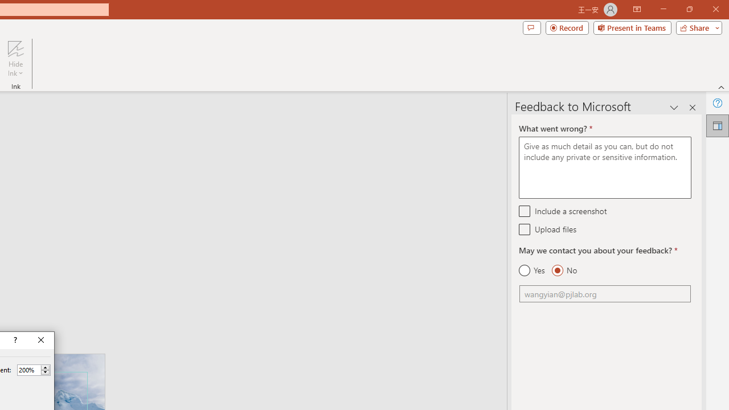 The width and height of the screenshot is (729, 410). Describe the element at coordinates (564, 270) in the screenshot. I see `'No'` at that location.